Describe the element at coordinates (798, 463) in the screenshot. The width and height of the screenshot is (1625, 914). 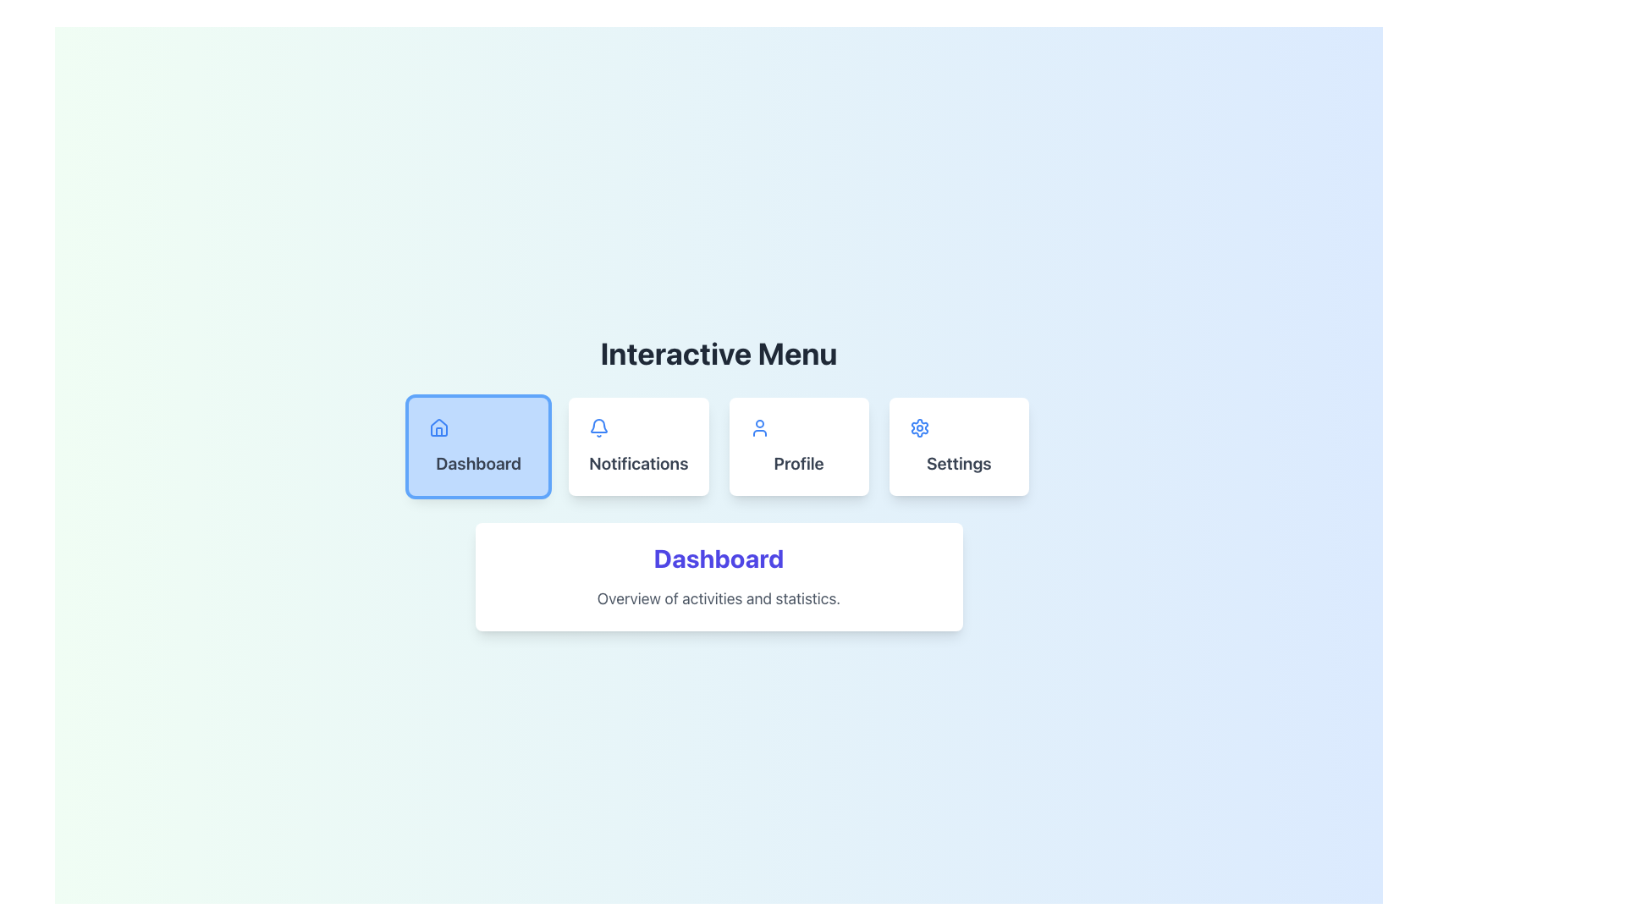
I see `the 'Profile' card label, which indicates its purpose within the card layout, positioned in the lower center of the third card from the left` at that location.